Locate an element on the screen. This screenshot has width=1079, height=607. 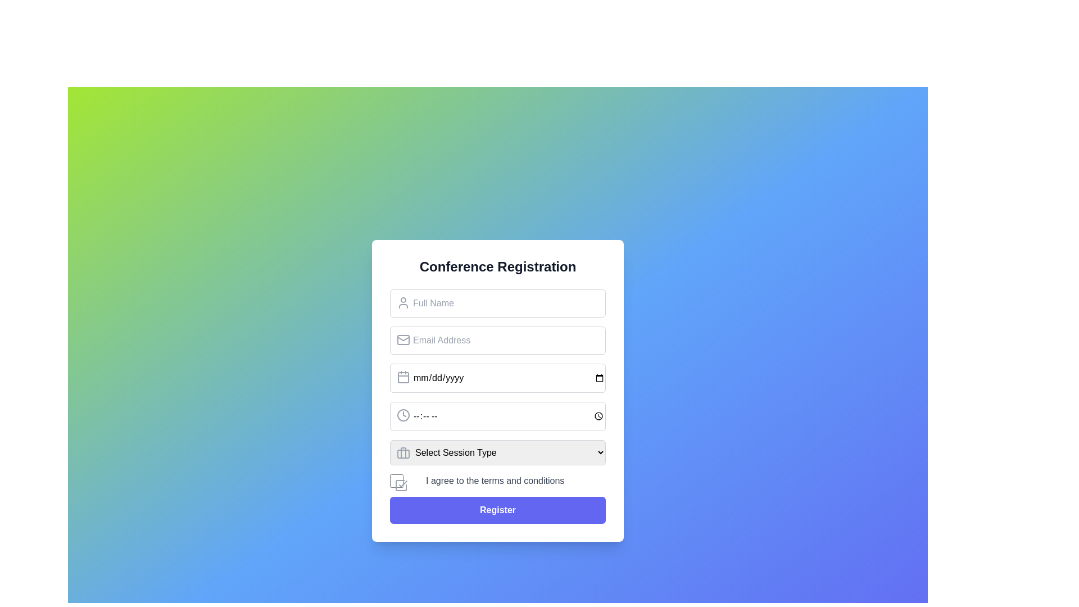
the icon representing the 'checked' state of the checkbox is located at coordinates (401, 484).